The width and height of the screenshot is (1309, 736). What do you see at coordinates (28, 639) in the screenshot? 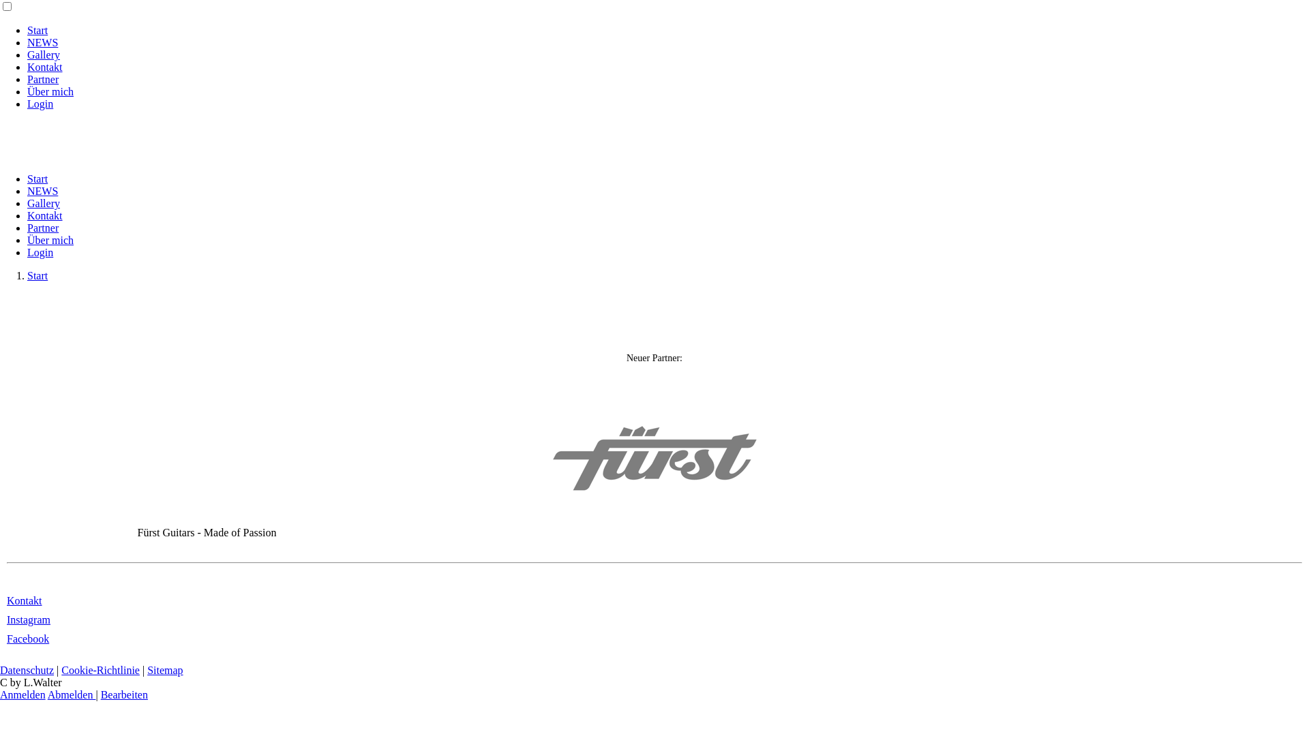
I see `'Facebook'` at bounding box center [28, 639].